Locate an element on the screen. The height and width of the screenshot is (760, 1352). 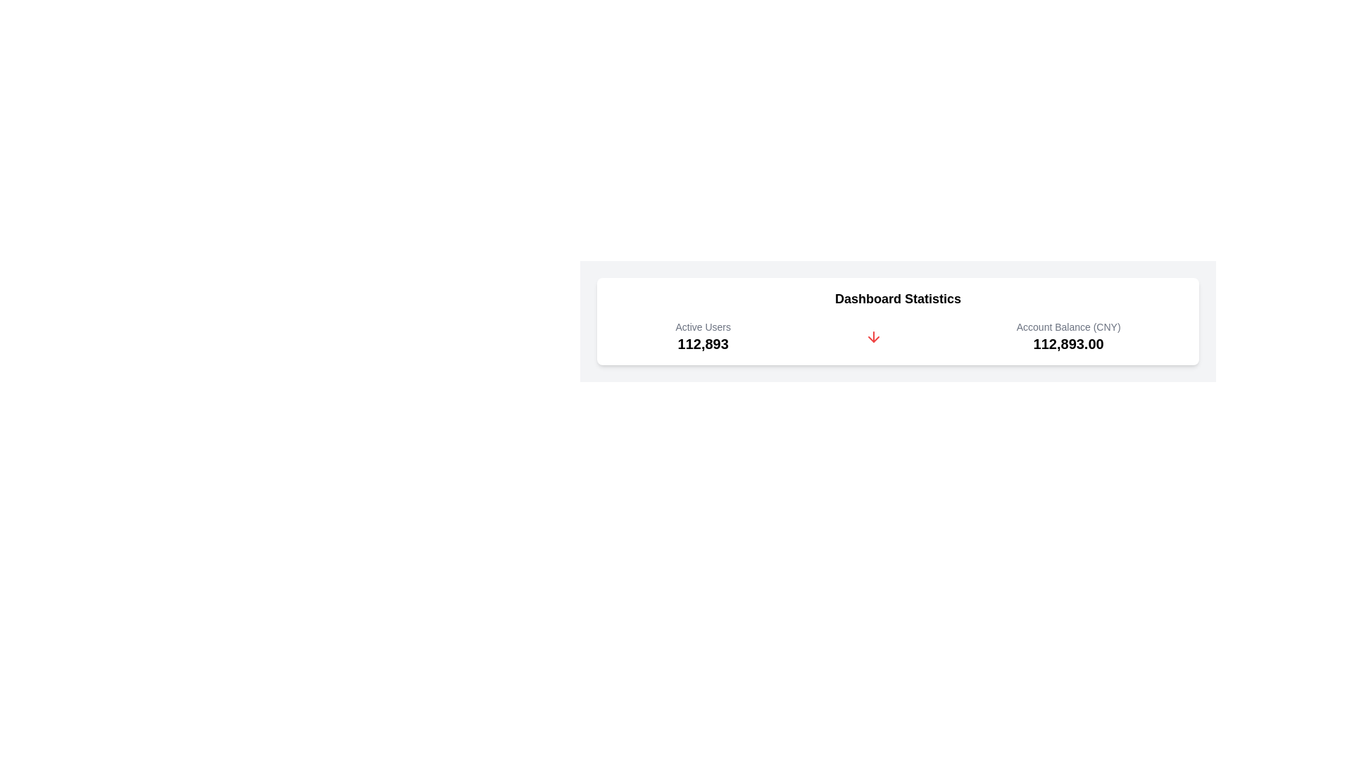
the Text Label displaying the numeric value '112,893.00', which is styled to stand out and is positioned underneath the 'Account Balance (CNY)' label is located at coordinates (1068, 344).